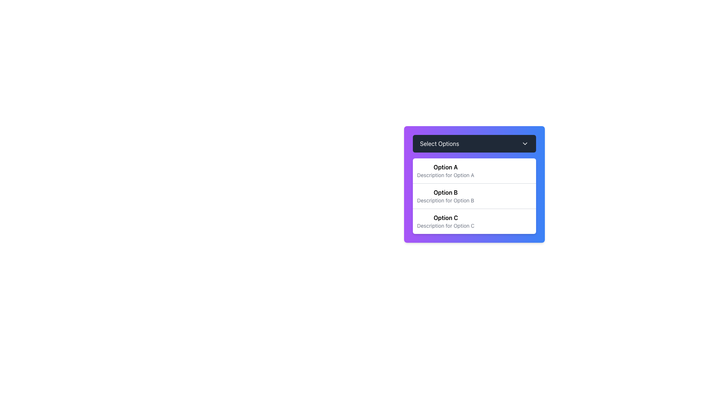 Image resolution: width=704 pixels, height=396 pixels. I want to click on the informational text that provides supplementary information for 'Option C' in the dropdown menu, located immediately below the 'Option C' label, so click(445, 225).